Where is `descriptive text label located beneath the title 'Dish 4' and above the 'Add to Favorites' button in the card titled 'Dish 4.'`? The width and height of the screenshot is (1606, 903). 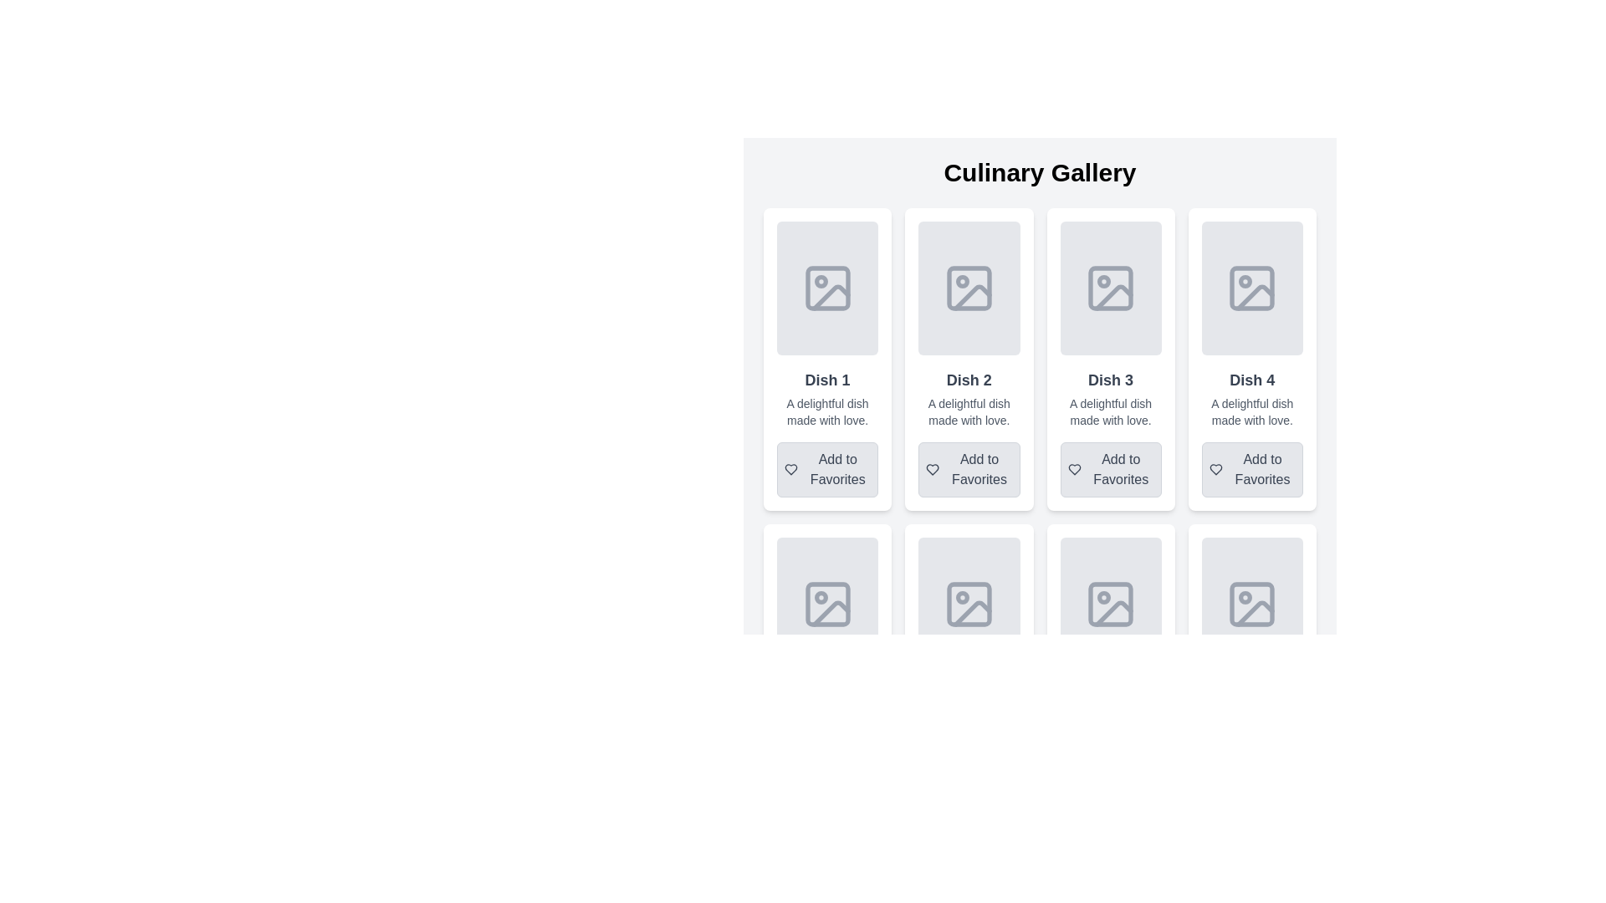 descriptive text label located beneath the title 'Dish 4' and above the 'Add to Favorites' button in the card titled 'Dish 4.' is located at coordinates (1252, 412).